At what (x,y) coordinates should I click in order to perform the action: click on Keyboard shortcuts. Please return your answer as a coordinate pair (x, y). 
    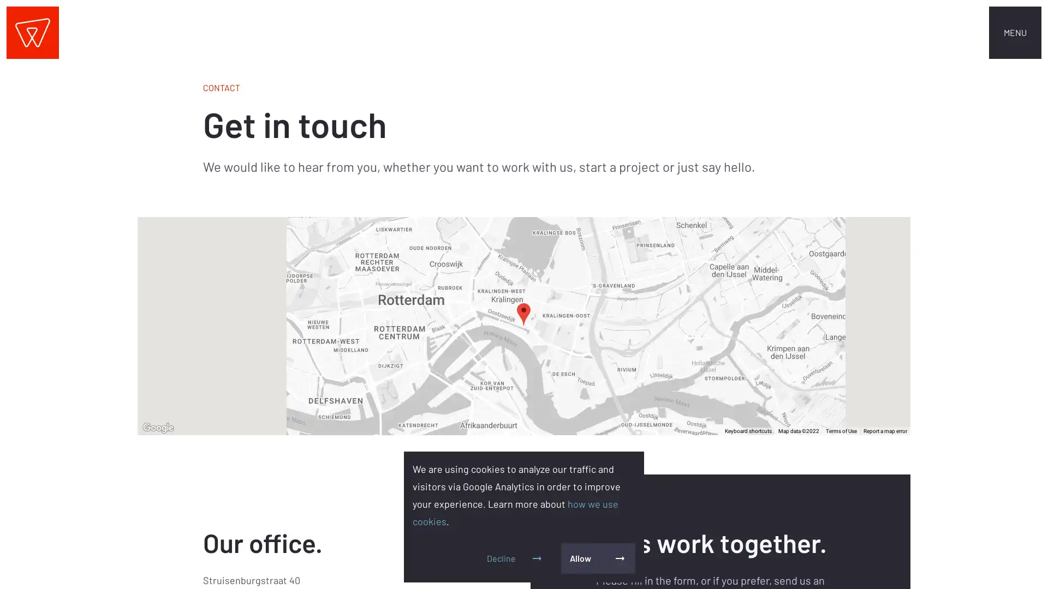
    Looking at the image, I should click on (748, 430).